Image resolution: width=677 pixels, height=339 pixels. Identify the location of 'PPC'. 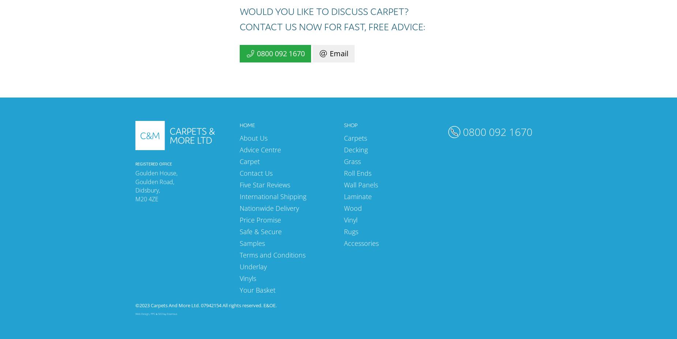
(150, 313).